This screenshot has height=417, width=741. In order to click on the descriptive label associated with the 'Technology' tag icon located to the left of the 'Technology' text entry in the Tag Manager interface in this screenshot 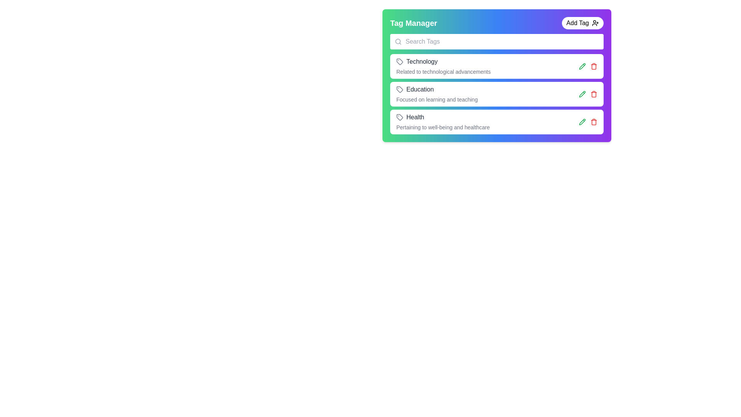, I will do `click(400, 61)`.